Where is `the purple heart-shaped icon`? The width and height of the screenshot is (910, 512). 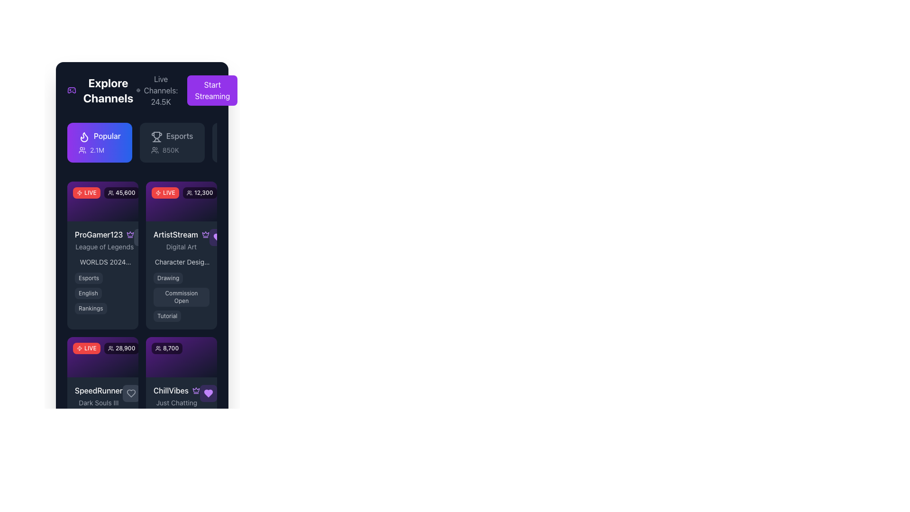 the purple heart-shaped icon is located at coordinates (208, 393).